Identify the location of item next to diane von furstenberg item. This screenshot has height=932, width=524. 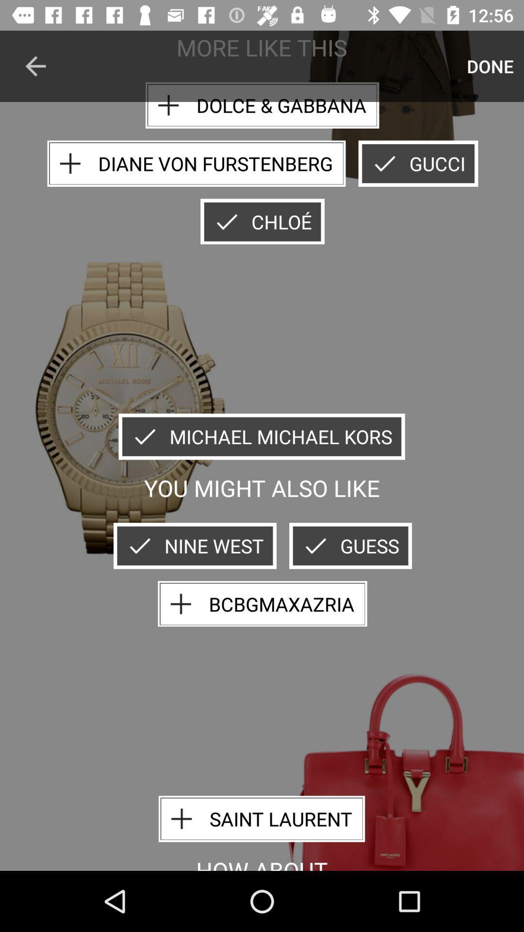
(418, 164).